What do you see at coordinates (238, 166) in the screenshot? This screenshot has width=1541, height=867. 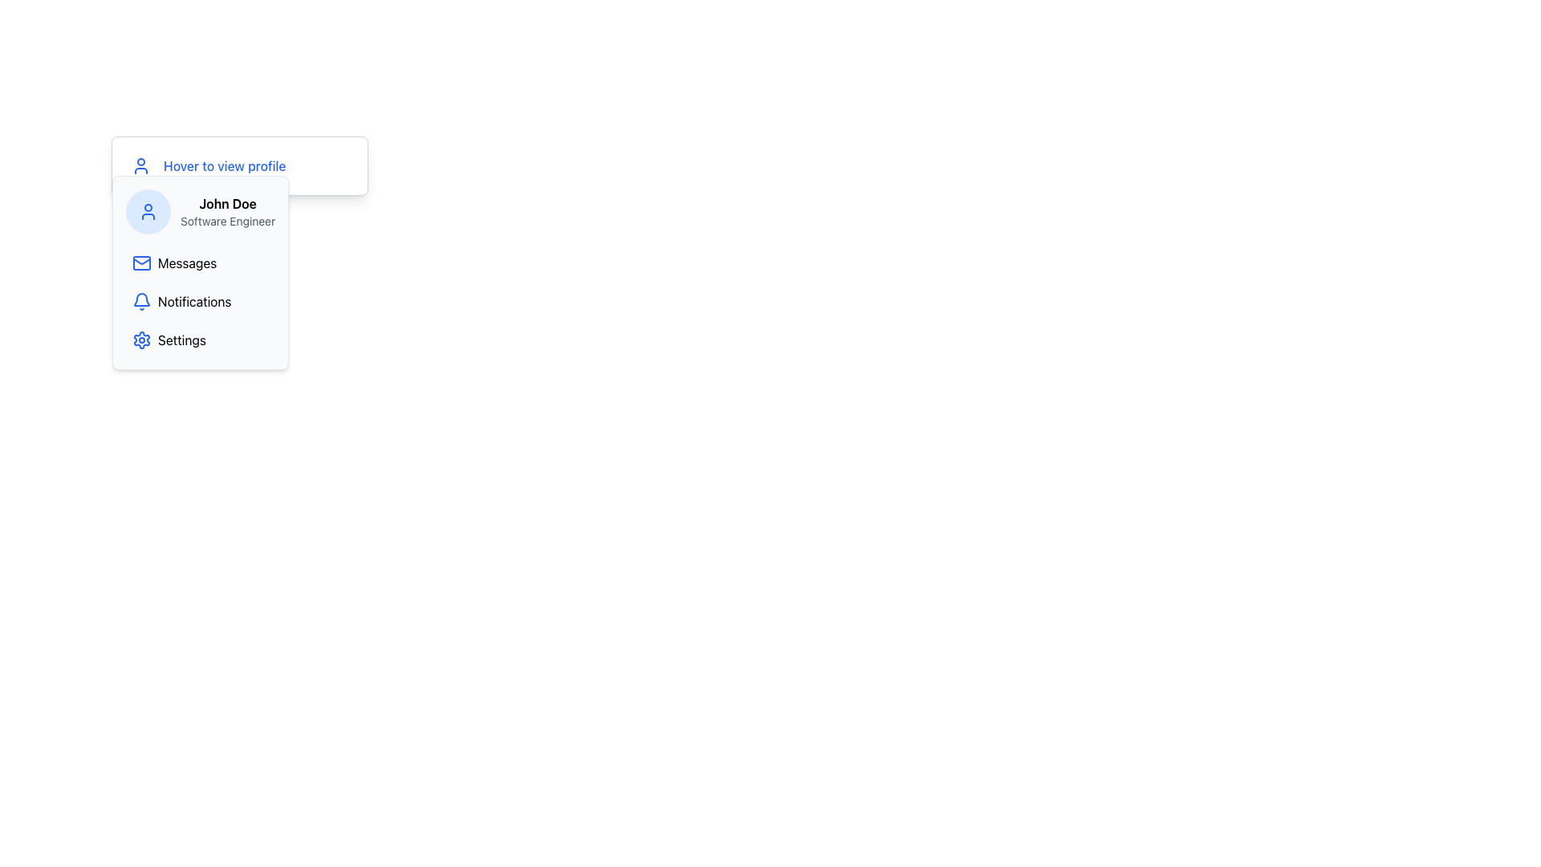 I see `the user icon or the text 'Hover` at bounding box center [238, 166].